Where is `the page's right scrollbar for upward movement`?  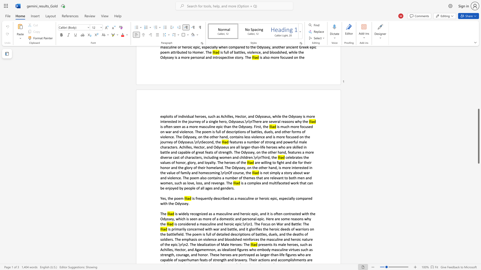 the page's right scrollbar for upward movement is located at coordinates (478, 100).